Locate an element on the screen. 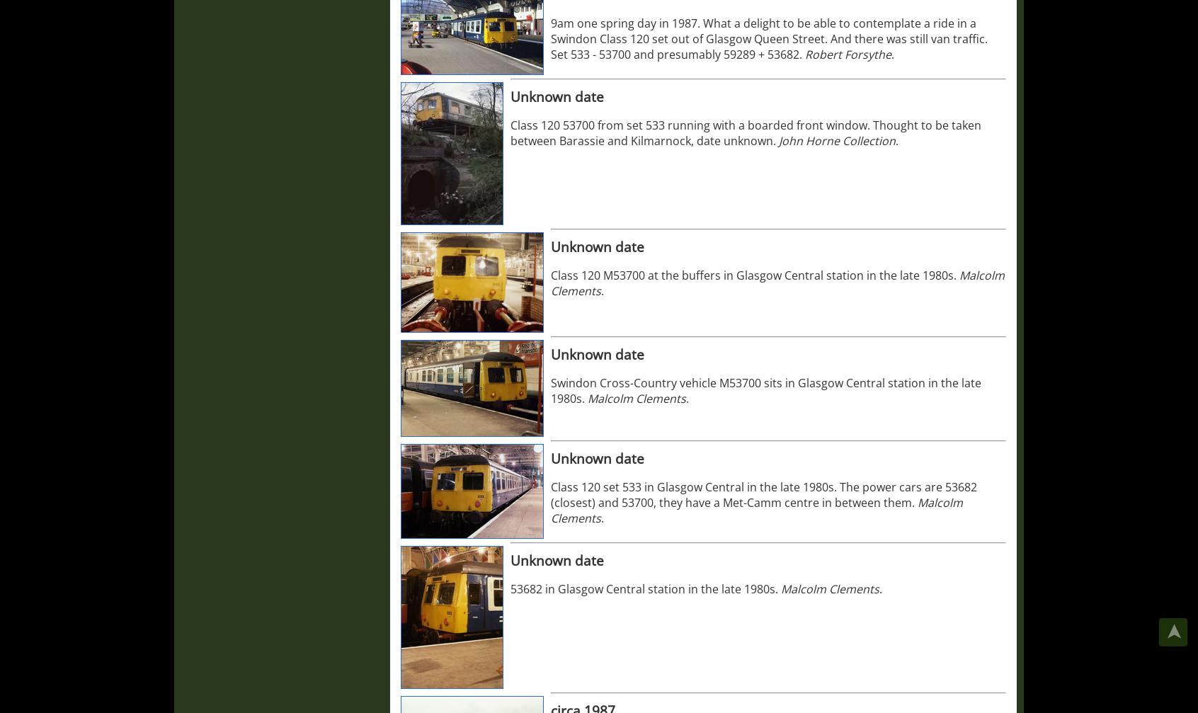 The height and width of the screenshot is (713, 1198). 'Class 120 set 533 in Glasgow Central in the late 1980s. The power cars are 53682 (closest) and 53700, they have a Met-Camm centre in between them.' is located at coordinates (763, 494).